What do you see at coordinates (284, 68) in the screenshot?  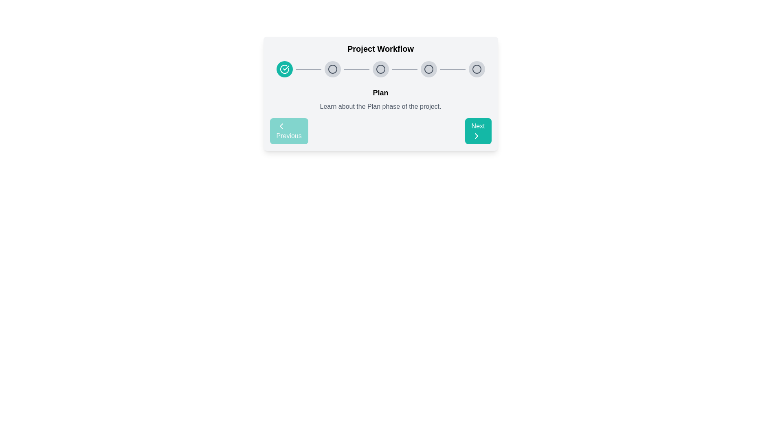 I see `the current step indicator to view its title and description` at bounding box center [284, 68].